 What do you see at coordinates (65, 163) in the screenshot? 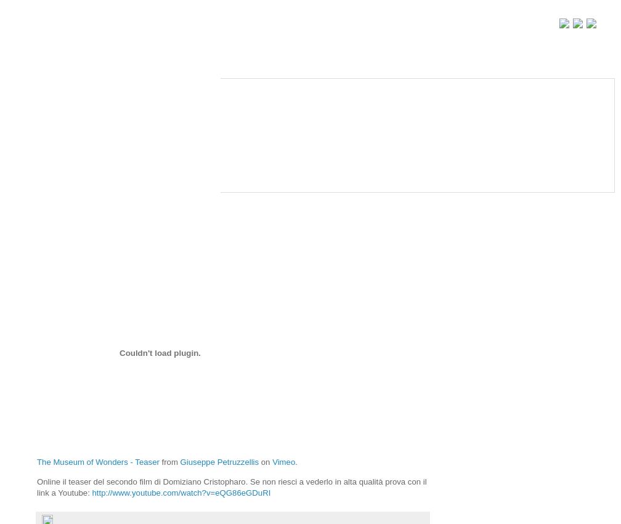
I see `'SERVICES'` at bounding box center [65, 163].